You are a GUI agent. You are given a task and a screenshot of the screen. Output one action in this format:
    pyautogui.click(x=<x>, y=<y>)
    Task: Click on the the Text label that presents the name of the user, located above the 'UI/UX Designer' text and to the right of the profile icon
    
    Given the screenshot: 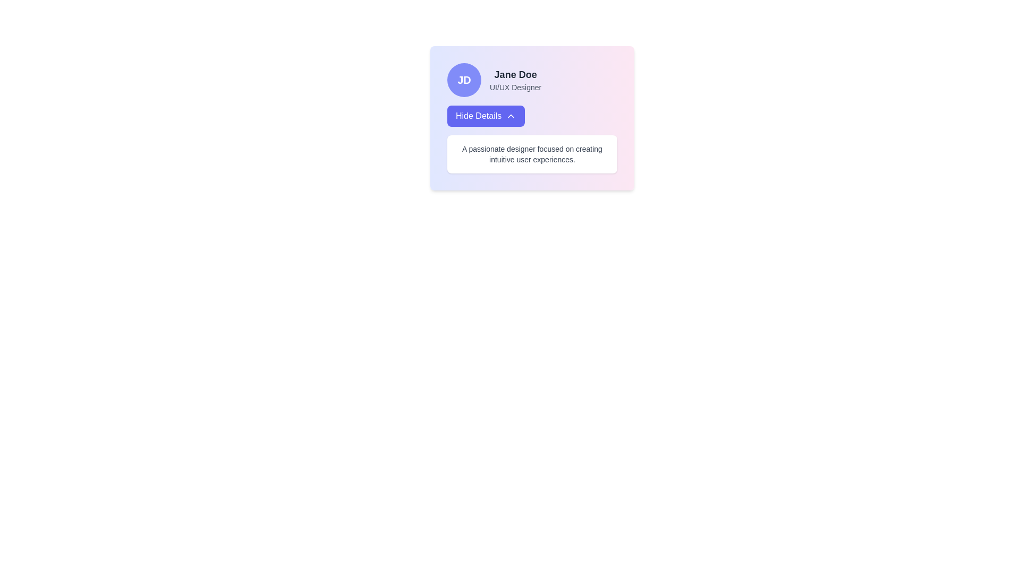 What is the action you would take?
    pyautogui.click(x=515, y=74)
    